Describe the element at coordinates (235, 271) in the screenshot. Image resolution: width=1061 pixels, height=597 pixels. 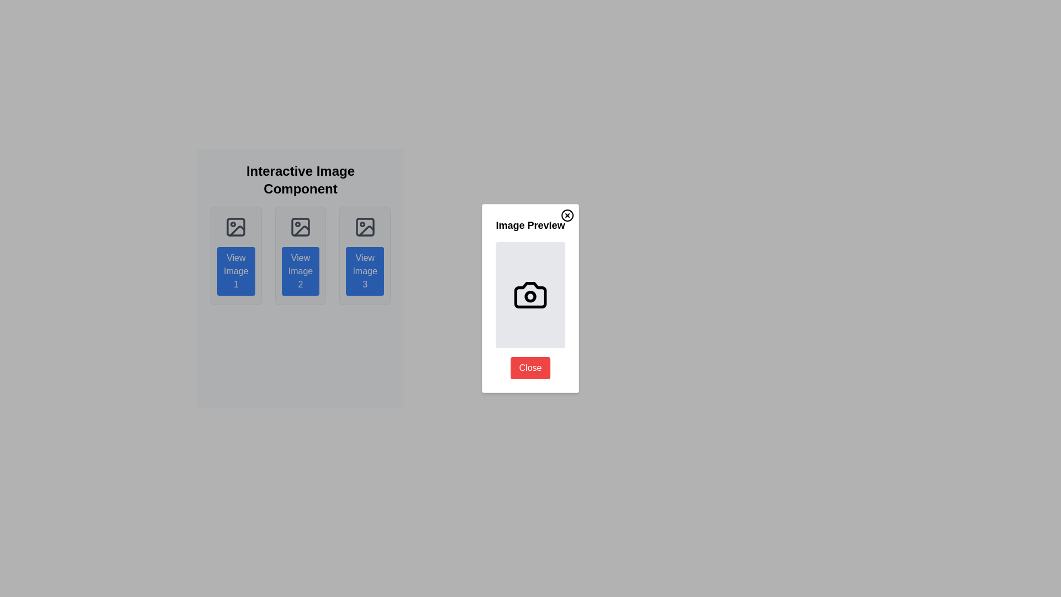
I see `the leftmost button in the 'Interactive Image Component'` at that location.